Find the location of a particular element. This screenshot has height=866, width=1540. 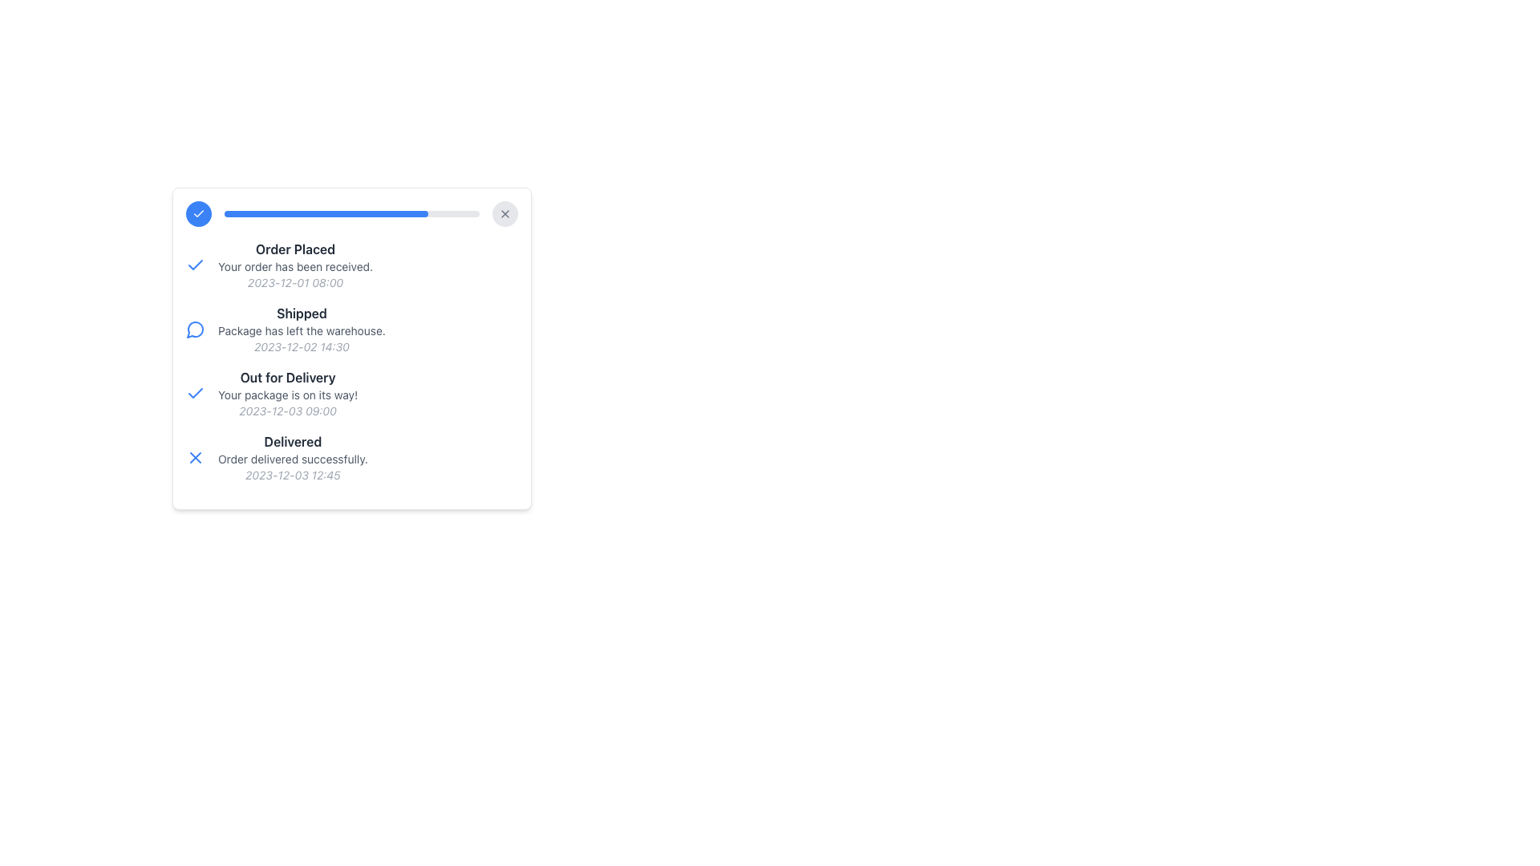

text of the delivery status update item titled 'Delivered', which includes the subtitle 'Order delivered successfully.' and the timestamp '2023-12-03 12:45' is located at coordinates (351, 457).